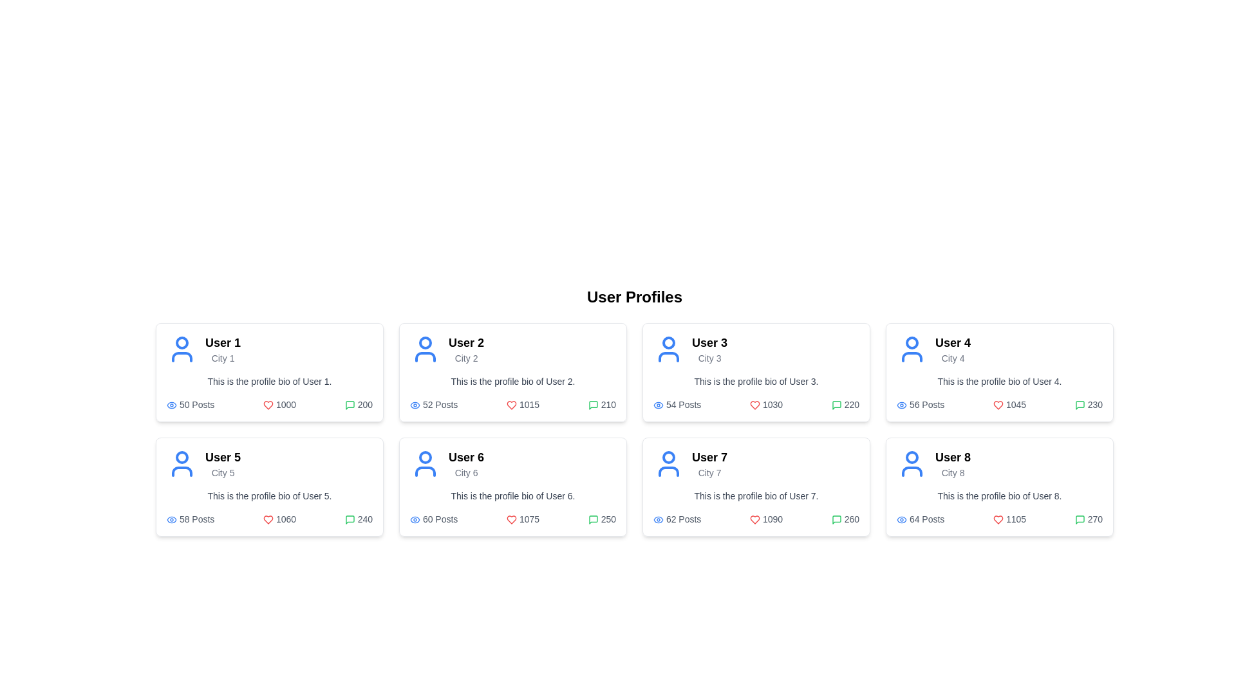  I want to click on the heart icon adjacent to the numerical value '1015' in the card layout for 'User 2', so click(511, 405).